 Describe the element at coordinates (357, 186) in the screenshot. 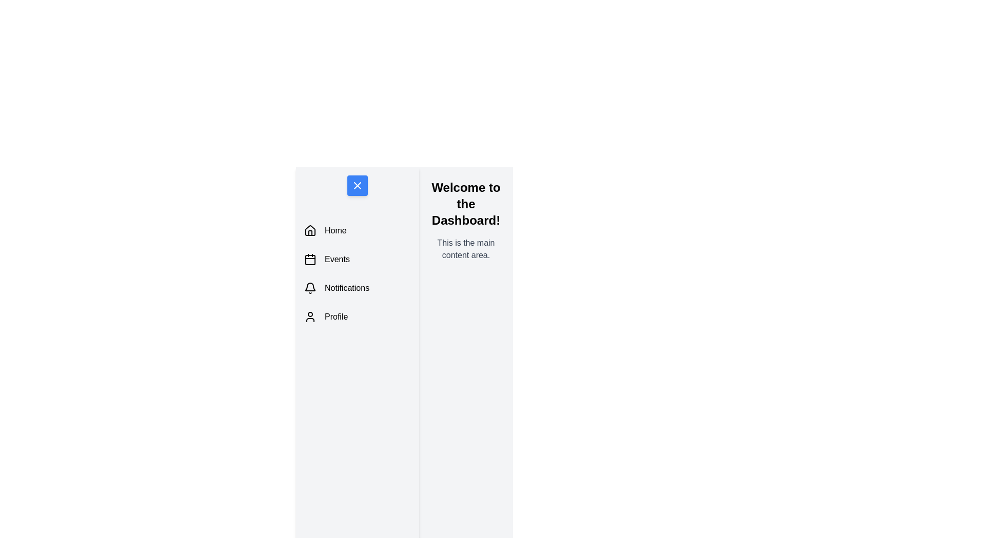

I see `the blue circular button containing the 'X' icon, which is centrally located within the button and easily distinguishable from adjacent menu items` at that location.